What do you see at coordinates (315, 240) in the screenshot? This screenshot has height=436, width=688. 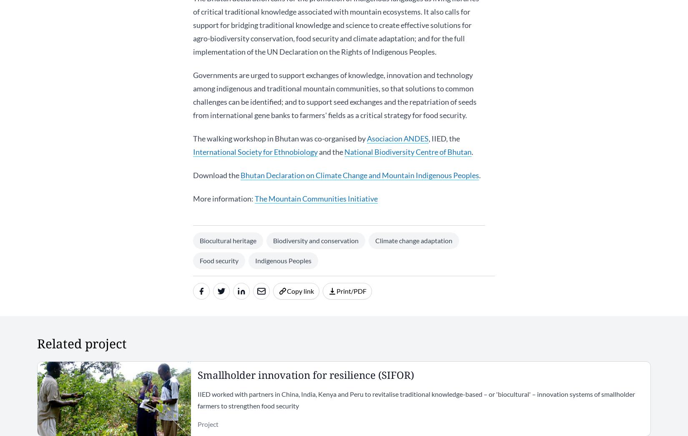 I see `'Biodiversity and conservation'` at bounding box center [315, 240].